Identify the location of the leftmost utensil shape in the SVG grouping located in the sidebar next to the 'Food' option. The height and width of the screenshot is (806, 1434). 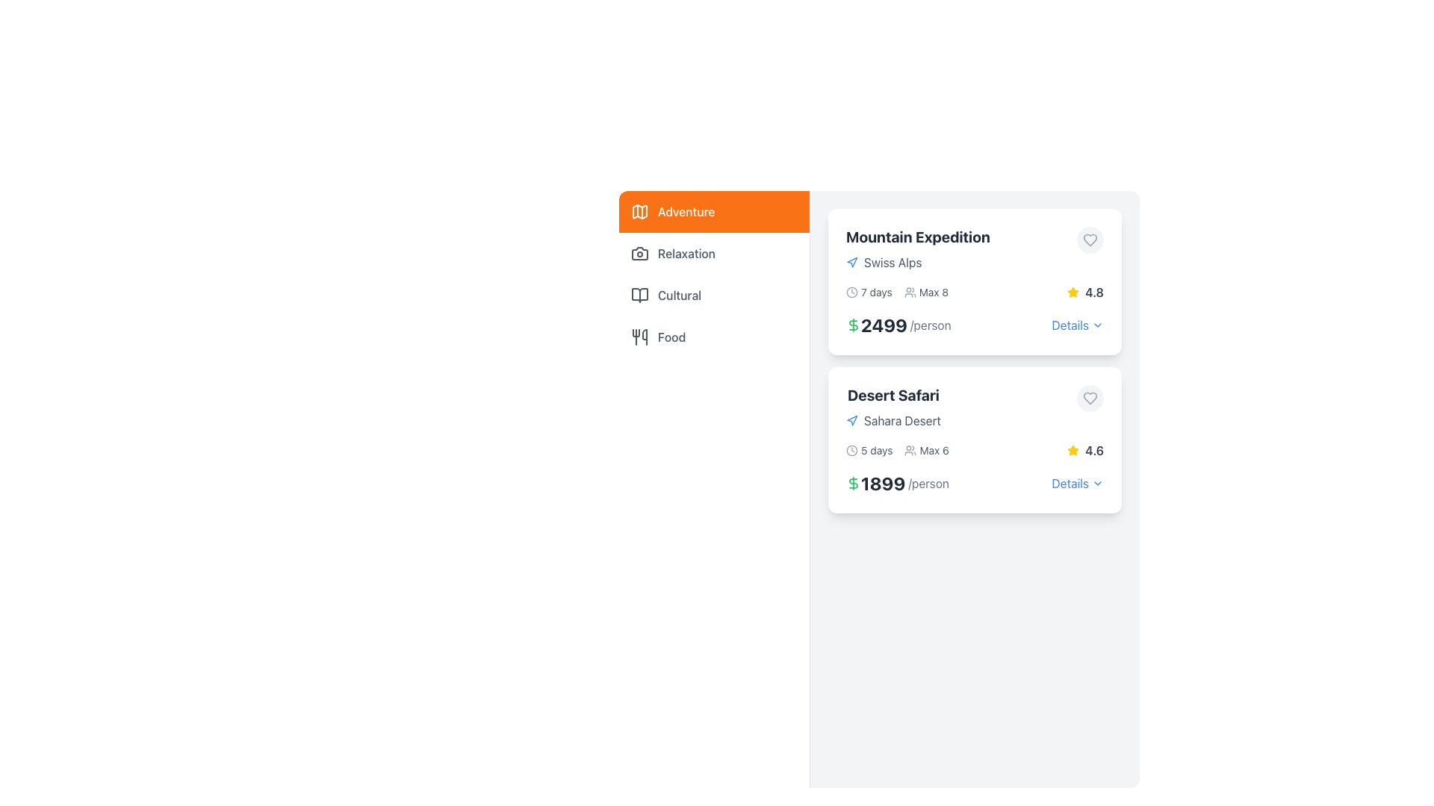
(636, 332).